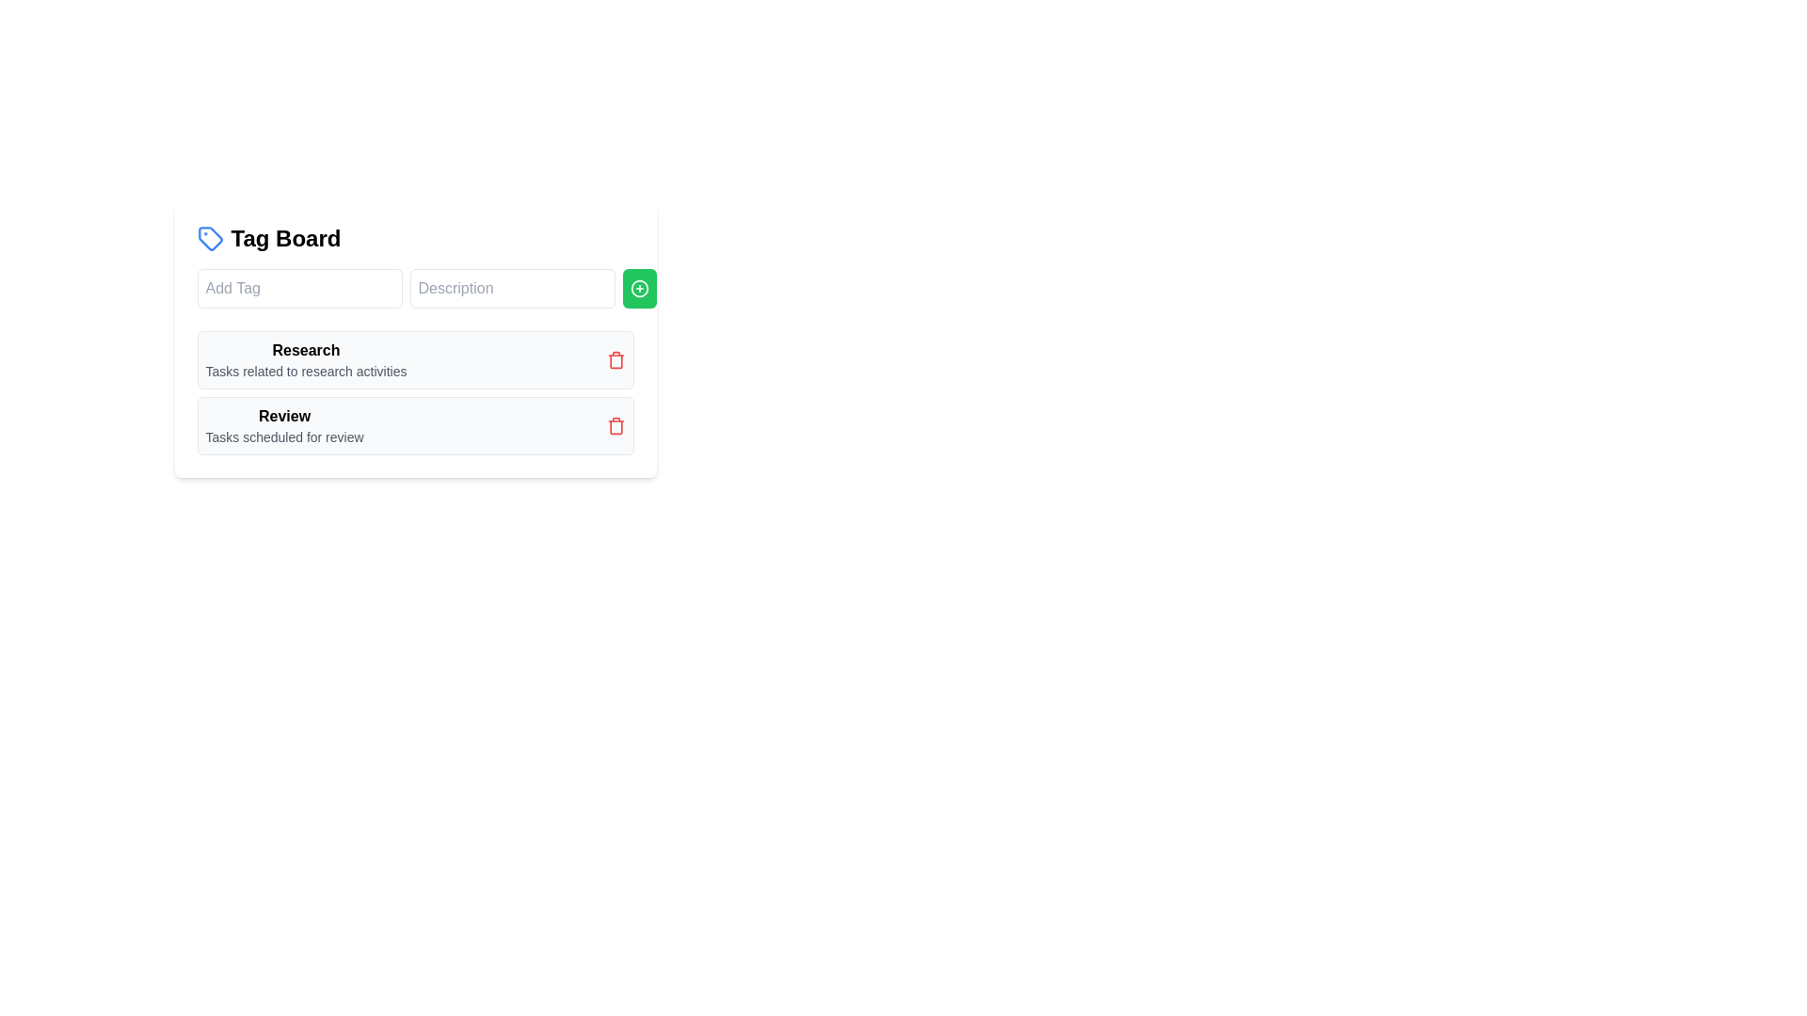  I want to click on the category card in the grouped list of tasks related to 'Research' and 'Review', so click(414, 391).